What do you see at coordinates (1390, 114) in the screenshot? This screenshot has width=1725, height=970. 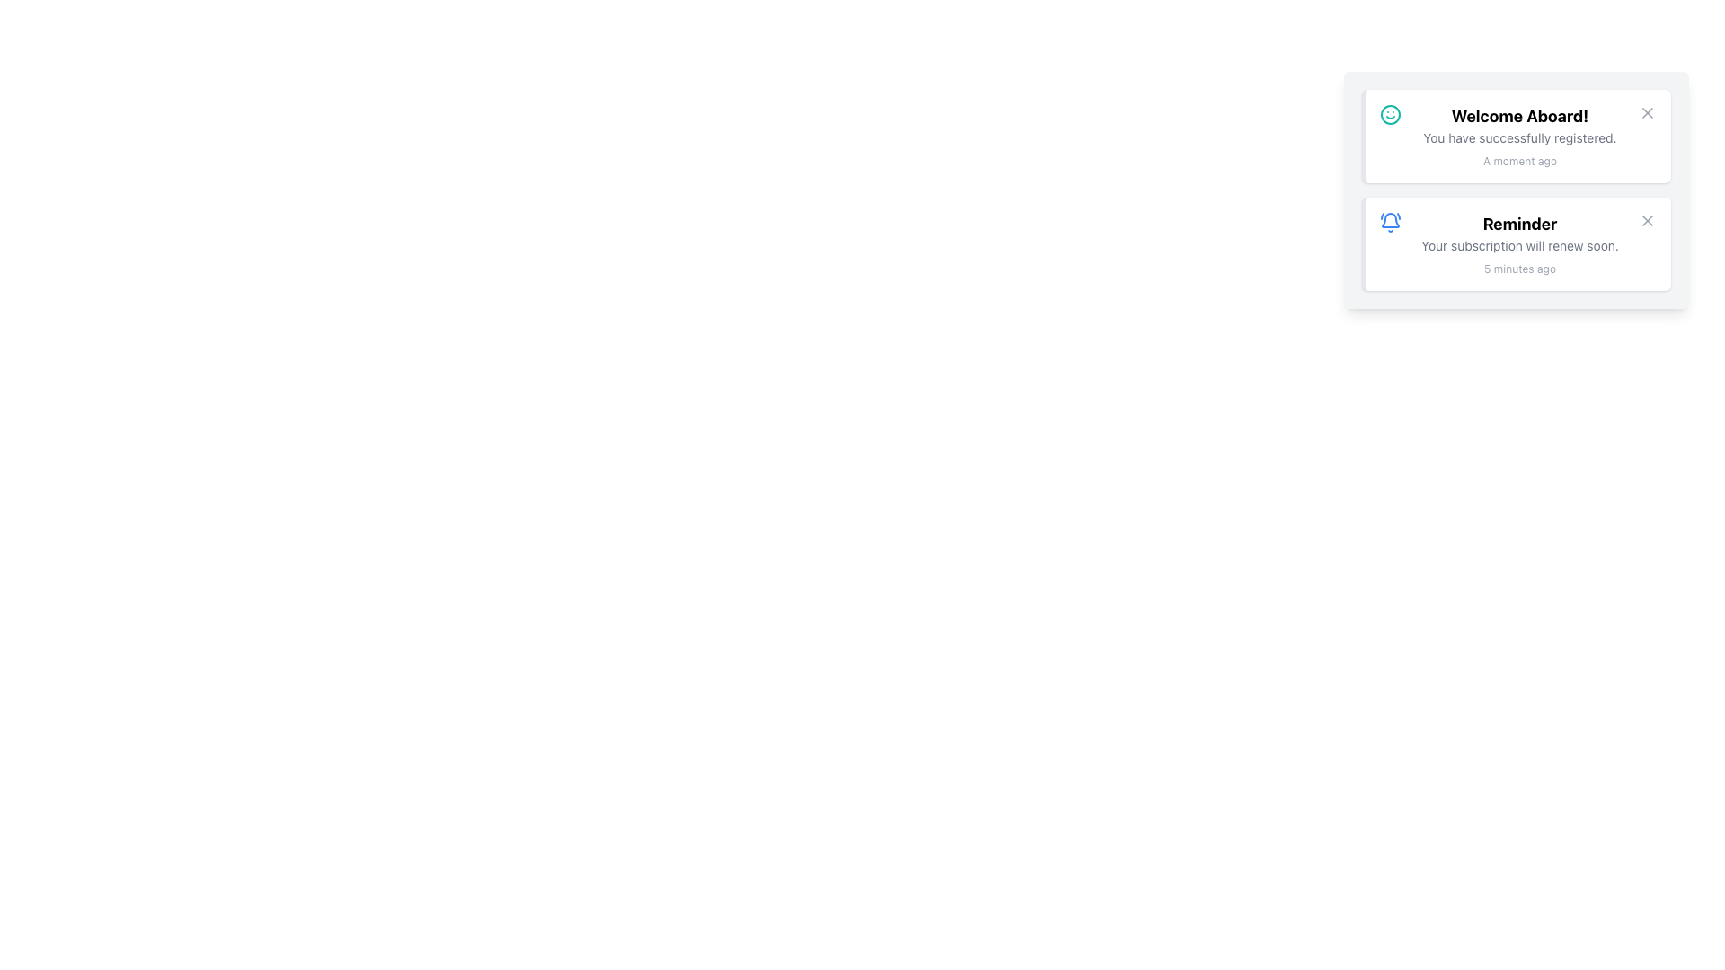 I see `the teal-colored smiling face icon located in the top-left corner of the 'Welcome Aboard!' notification card` at bounding box center [1390, 114].